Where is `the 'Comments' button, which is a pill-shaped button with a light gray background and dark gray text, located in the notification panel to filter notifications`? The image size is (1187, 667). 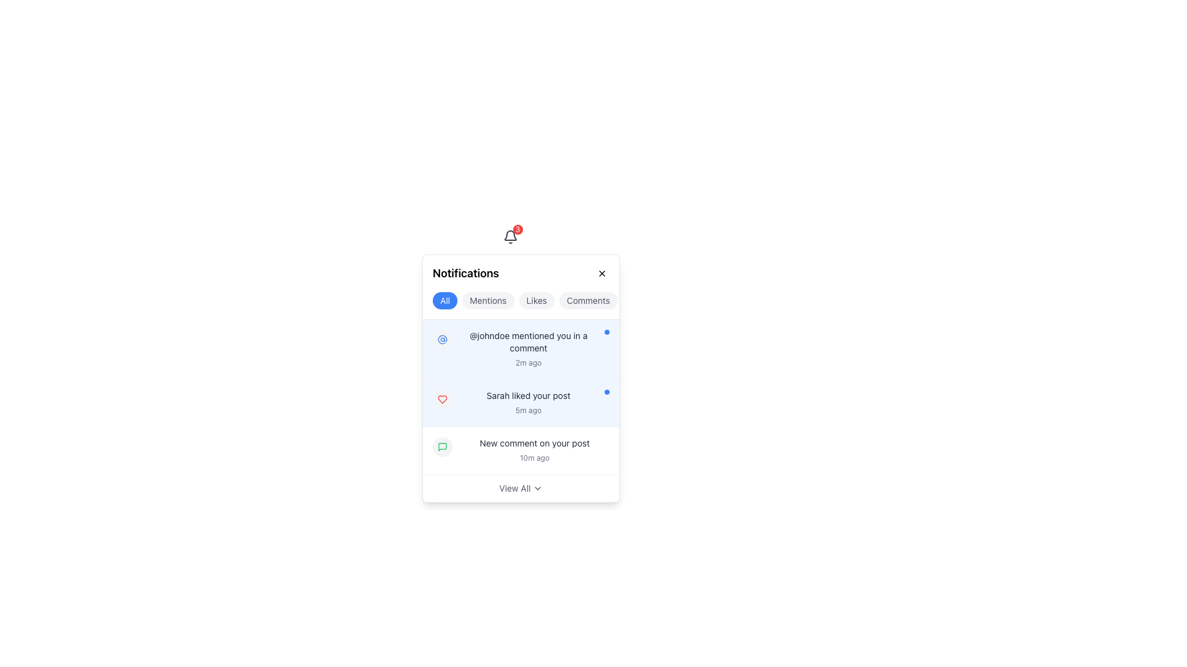 the 'Comments' button, which is a pill-shaped button with a light gray background and dark gray text, located in the notification panel to filter notifications is located at coordinates (587, 300).